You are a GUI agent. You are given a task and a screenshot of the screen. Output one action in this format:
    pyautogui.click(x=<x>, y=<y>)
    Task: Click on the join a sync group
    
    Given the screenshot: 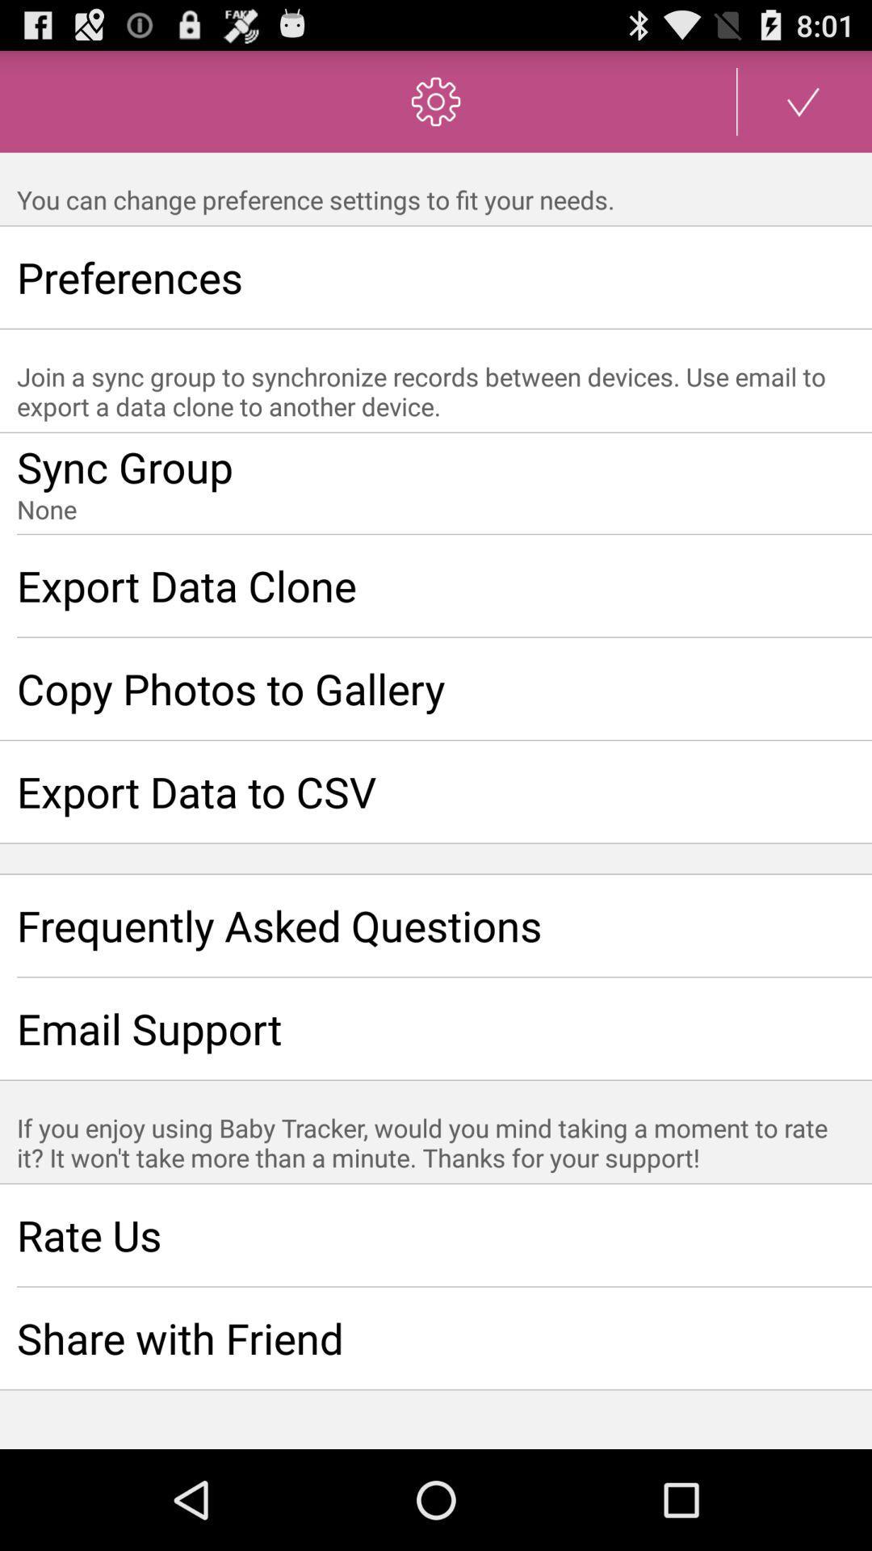 What is the action you would take?
    pyautogui.click(x=436, y=483)
    